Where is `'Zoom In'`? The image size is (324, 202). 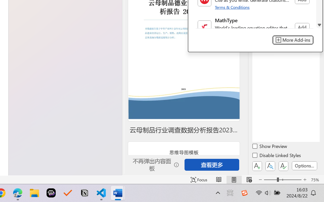
'Zoom In' is located at coordinates (305, 180).